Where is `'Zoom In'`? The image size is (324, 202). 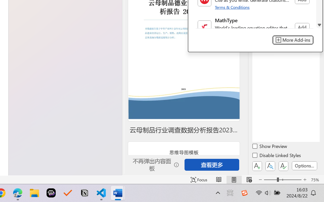
'Zoom In' is located at coordinates (305, 180).